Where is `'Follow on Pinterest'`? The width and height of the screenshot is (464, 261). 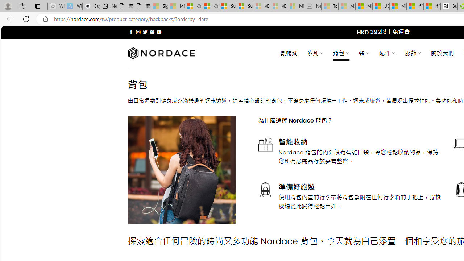
'Follow on Pinterest' is located at coordinates (152, 32).